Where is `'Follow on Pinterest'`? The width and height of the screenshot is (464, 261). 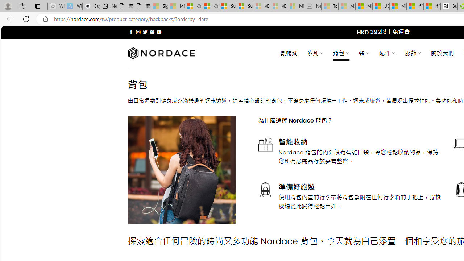
'Follow on Pinterest' is located at coordinates (152, 32).